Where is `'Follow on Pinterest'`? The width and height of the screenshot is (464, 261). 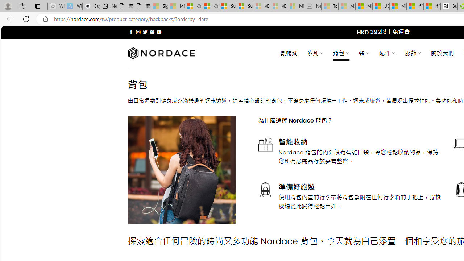
'Follow on Pinterest' is located at coordinates (152, 32).